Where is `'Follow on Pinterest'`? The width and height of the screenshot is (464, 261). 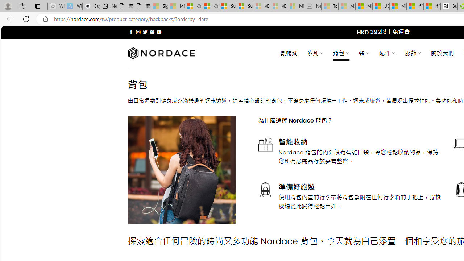
'Follow on Pinterest' is located at coordinates (152, 32).